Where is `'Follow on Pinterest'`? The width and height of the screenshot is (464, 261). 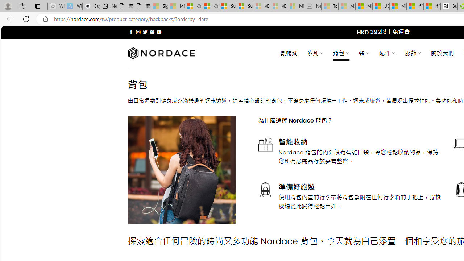
'Follow on Pinterest' is located at coordinates (152, 32).